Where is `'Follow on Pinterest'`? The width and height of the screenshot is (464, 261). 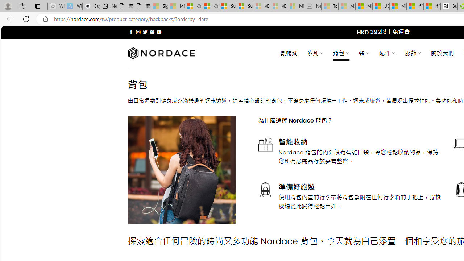
'Follow on Pinterest' is located at coordinates (152, 32).